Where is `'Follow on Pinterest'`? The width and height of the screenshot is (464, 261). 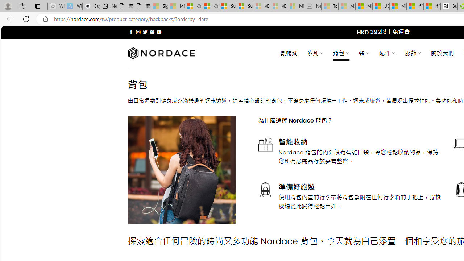
'Follow on Pinterest' is located at coordinates (152, 32).